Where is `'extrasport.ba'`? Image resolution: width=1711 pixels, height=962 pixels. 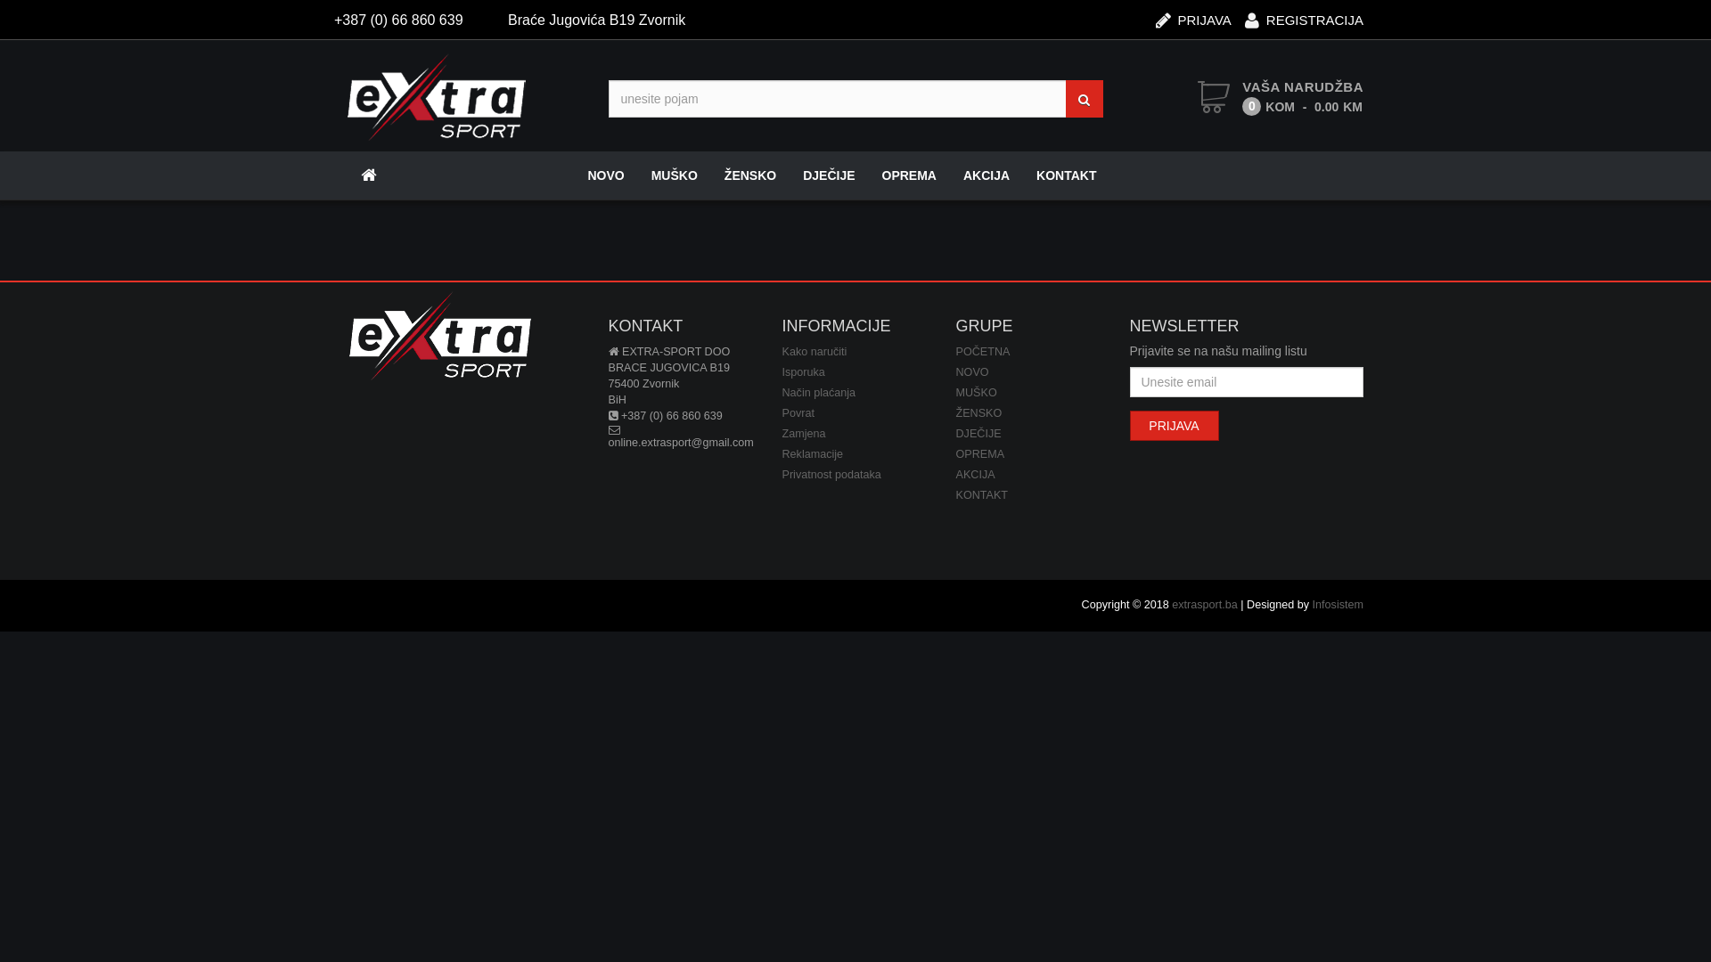 'extrasport.ba' is located at coordinates (1205, 603).